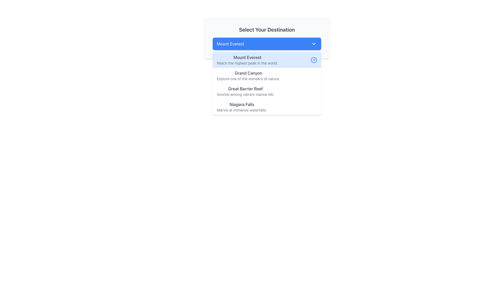 Image resolution: width=501 pixels, height=282 pixels. Describe the element at coordinates (267, 91) in the screenshot. I see `the dropdown menu item labeled 'Great Barrier Reef'` at that location.